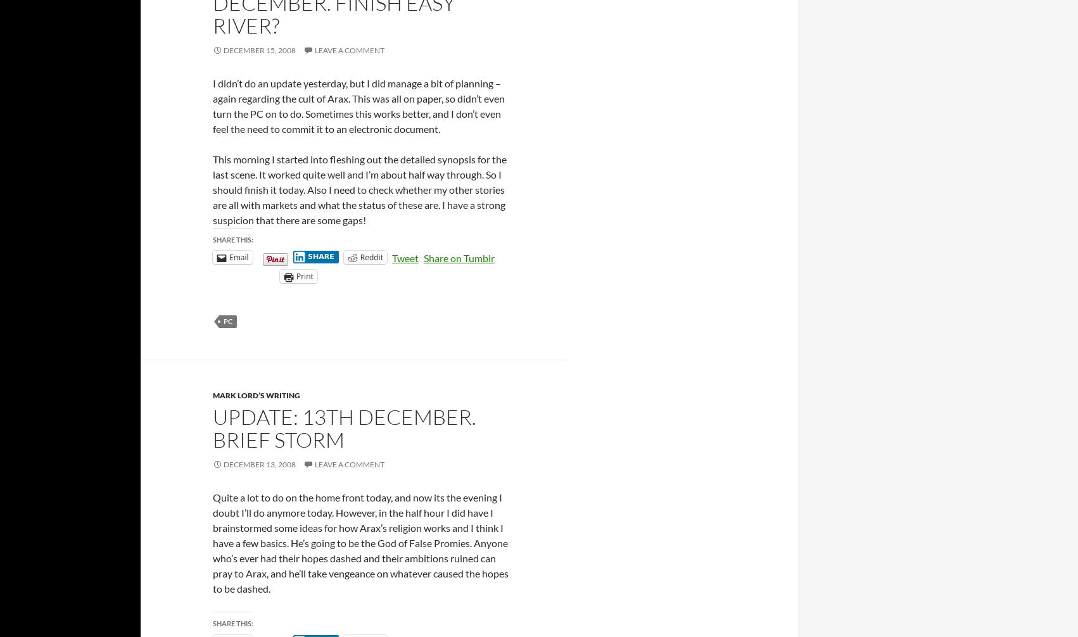 Image resolution: width=1078 pixels, height=637 pixels. I want to click on 'Print', so click(303, 275).